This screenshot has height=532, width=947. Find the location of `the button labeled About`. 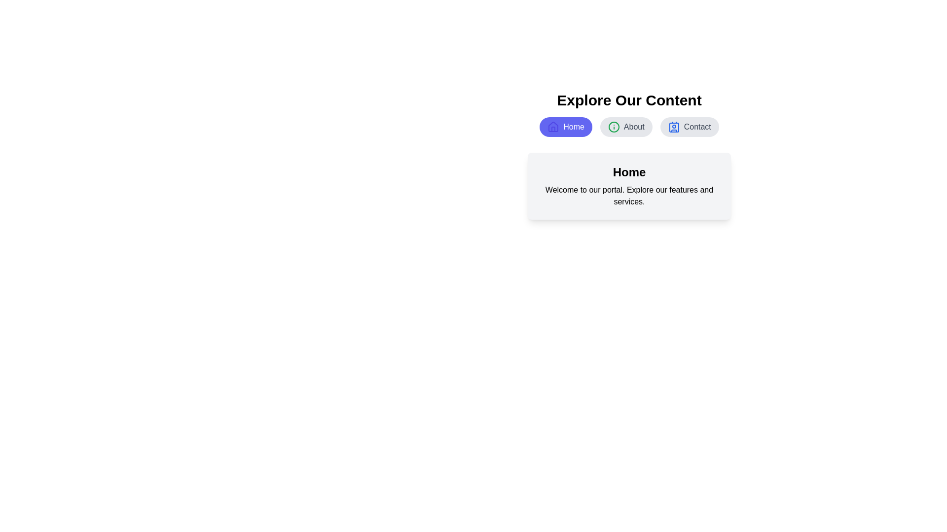

the button labeled About is located at coordinates (625, 127).